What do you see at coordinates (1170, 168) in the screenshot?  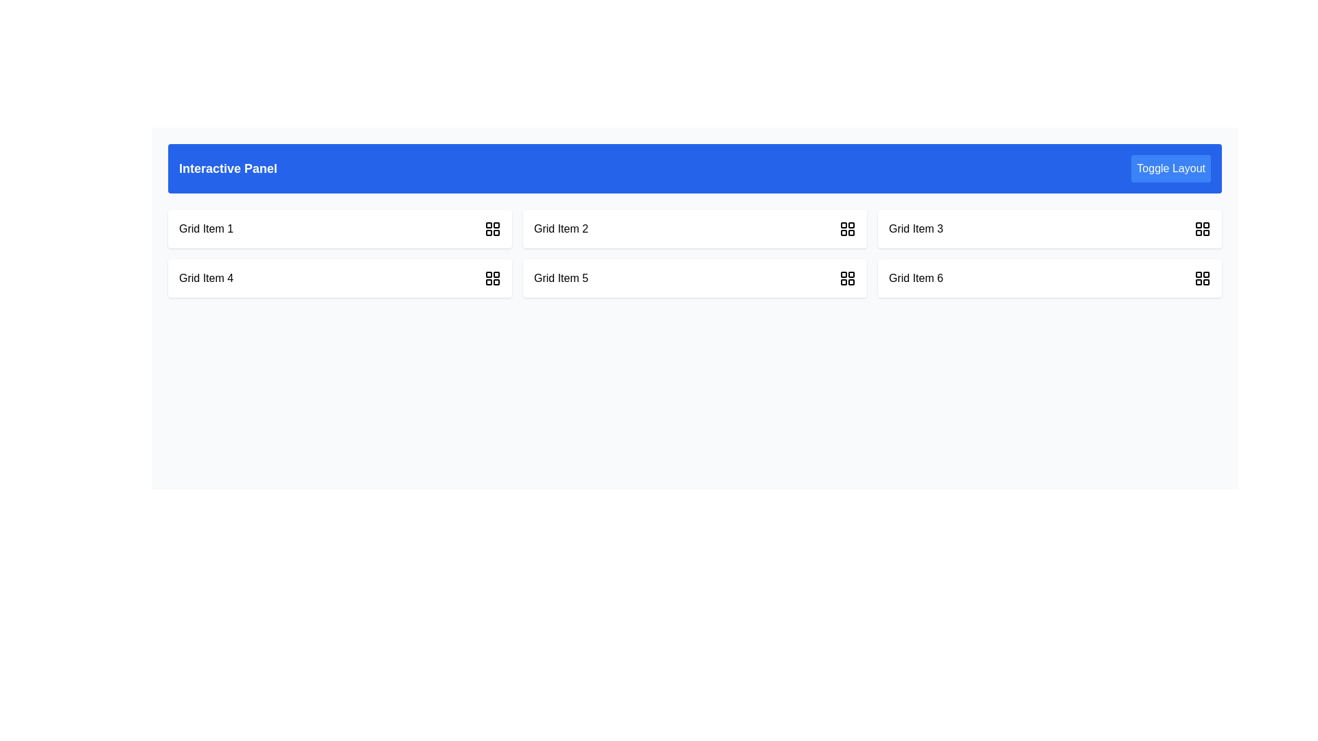 I see `the 'Toggle Layout' button, which is a rectangular button with white text on a blue background located in the top-right corner of the blue header panel` at bounding box center [1170, 168].